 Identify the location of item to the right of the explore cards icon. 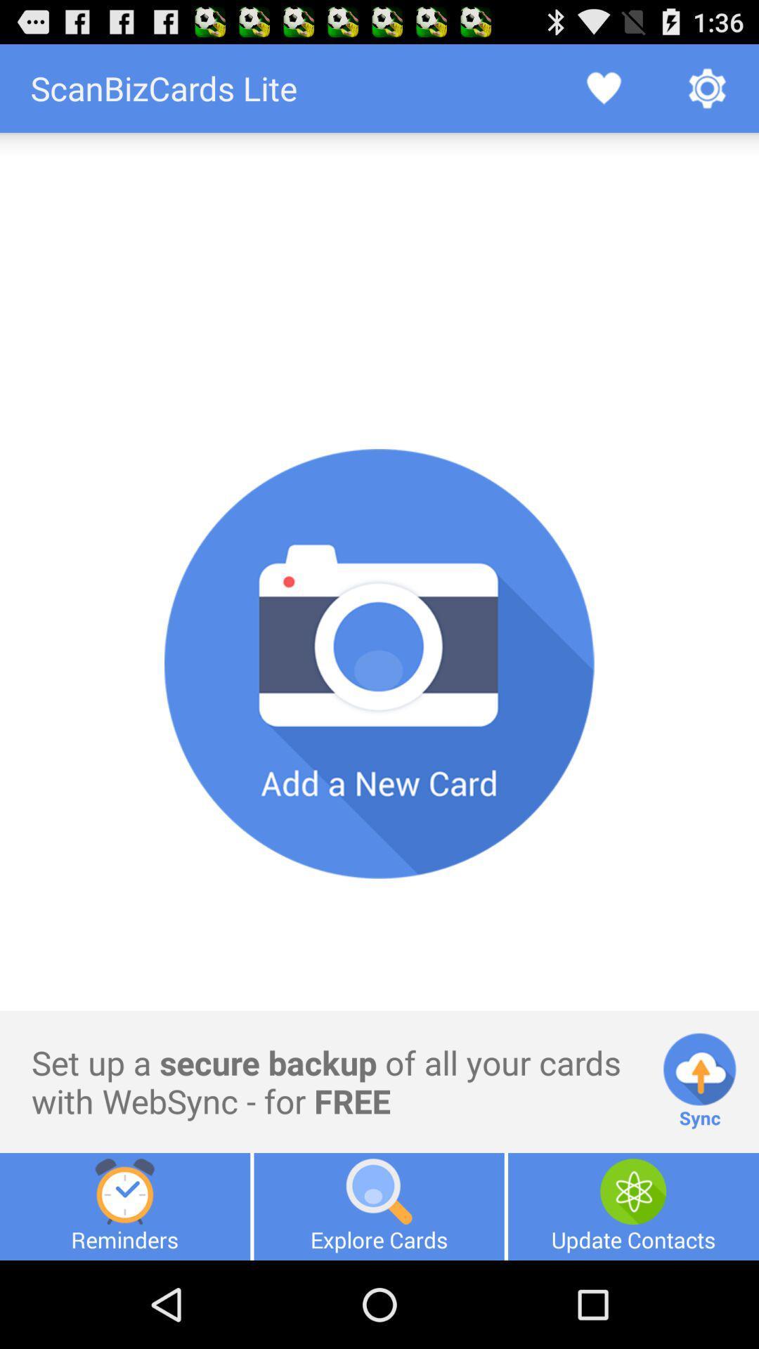
(633, 1206).